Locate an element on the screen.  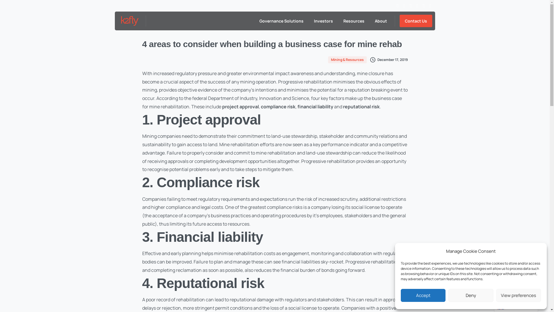
'Resources' is located at coordinates (353, 21).